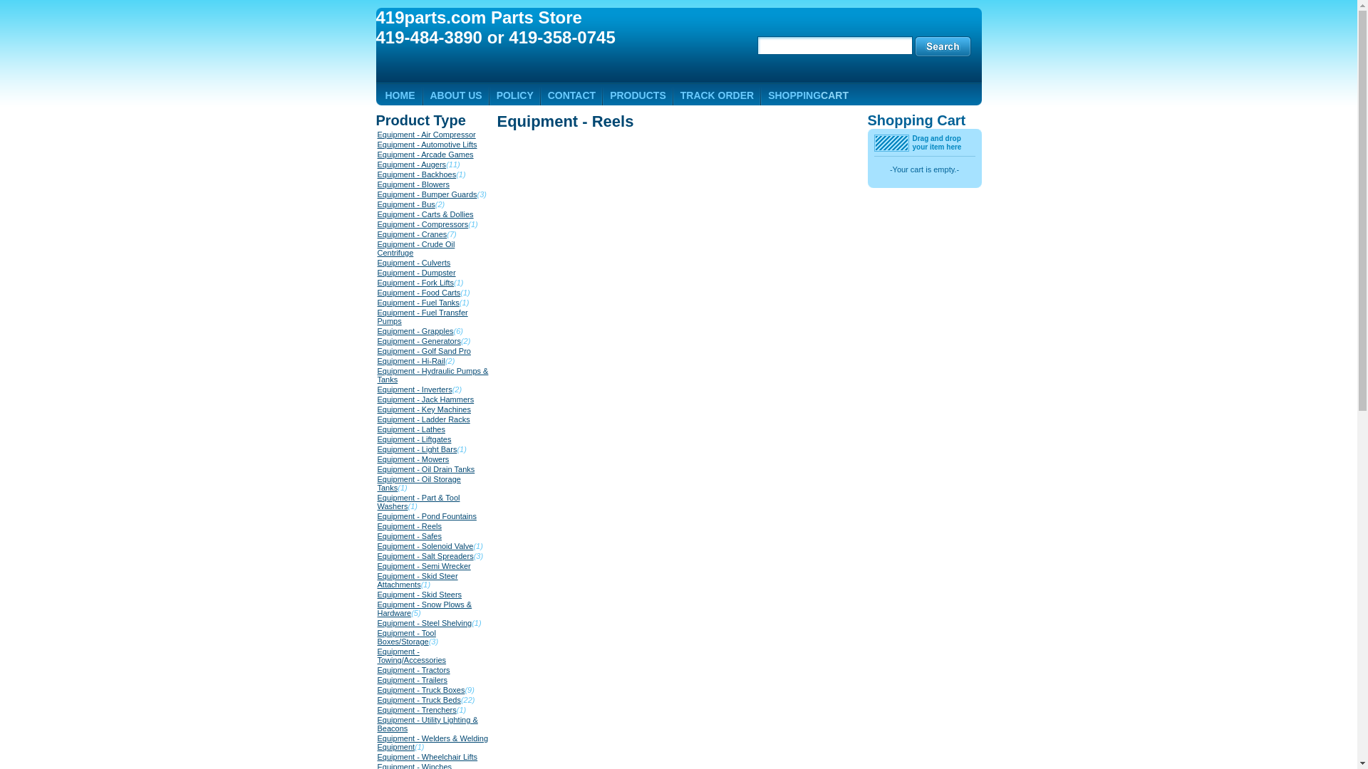 The image size is (1368, 769). Describe the element at coordinates (377, 233) in the screenshot. I see `'Equipment - Cranes'` at that location.